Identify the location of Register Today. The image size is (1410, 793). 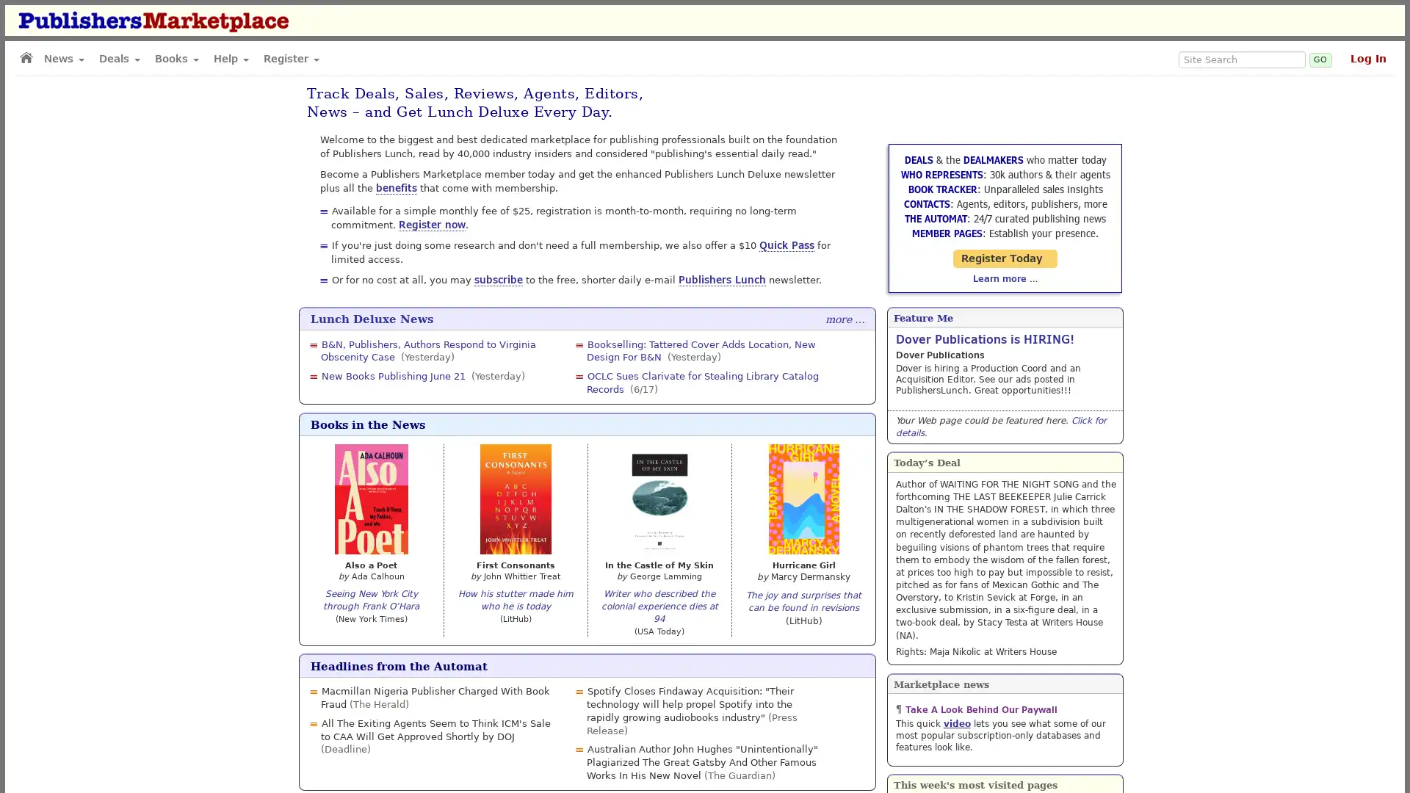
(1004, 257).